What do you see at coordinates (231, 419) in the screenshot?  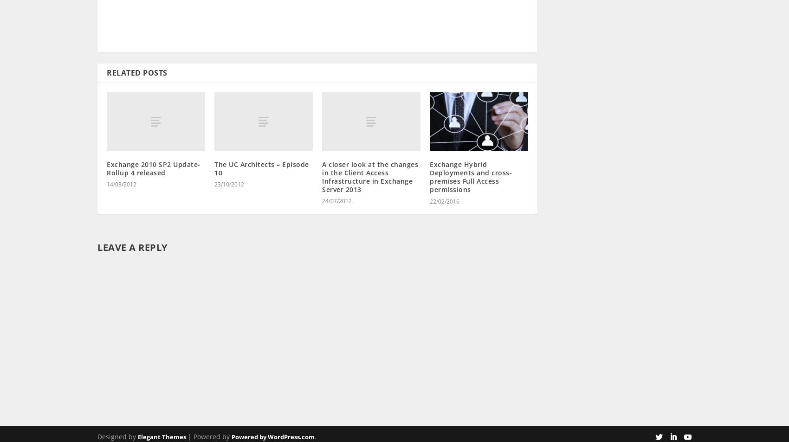 I see `'Powered by WordPress.com'` at bounding box center [231, 419].